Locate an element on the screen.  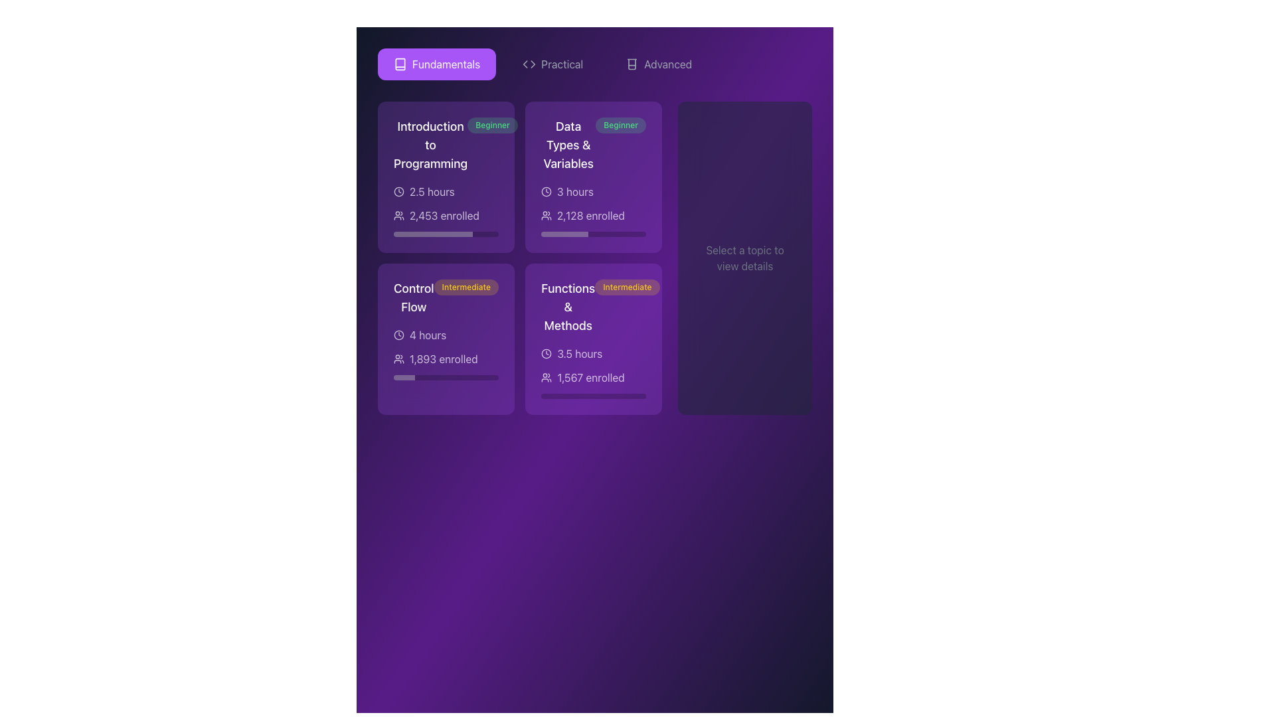
the Static Text Label displaying '1,567 enrolled', which is located in the lower right corner of the 'Functions & Methods' card is located at coordinates (590, 378).